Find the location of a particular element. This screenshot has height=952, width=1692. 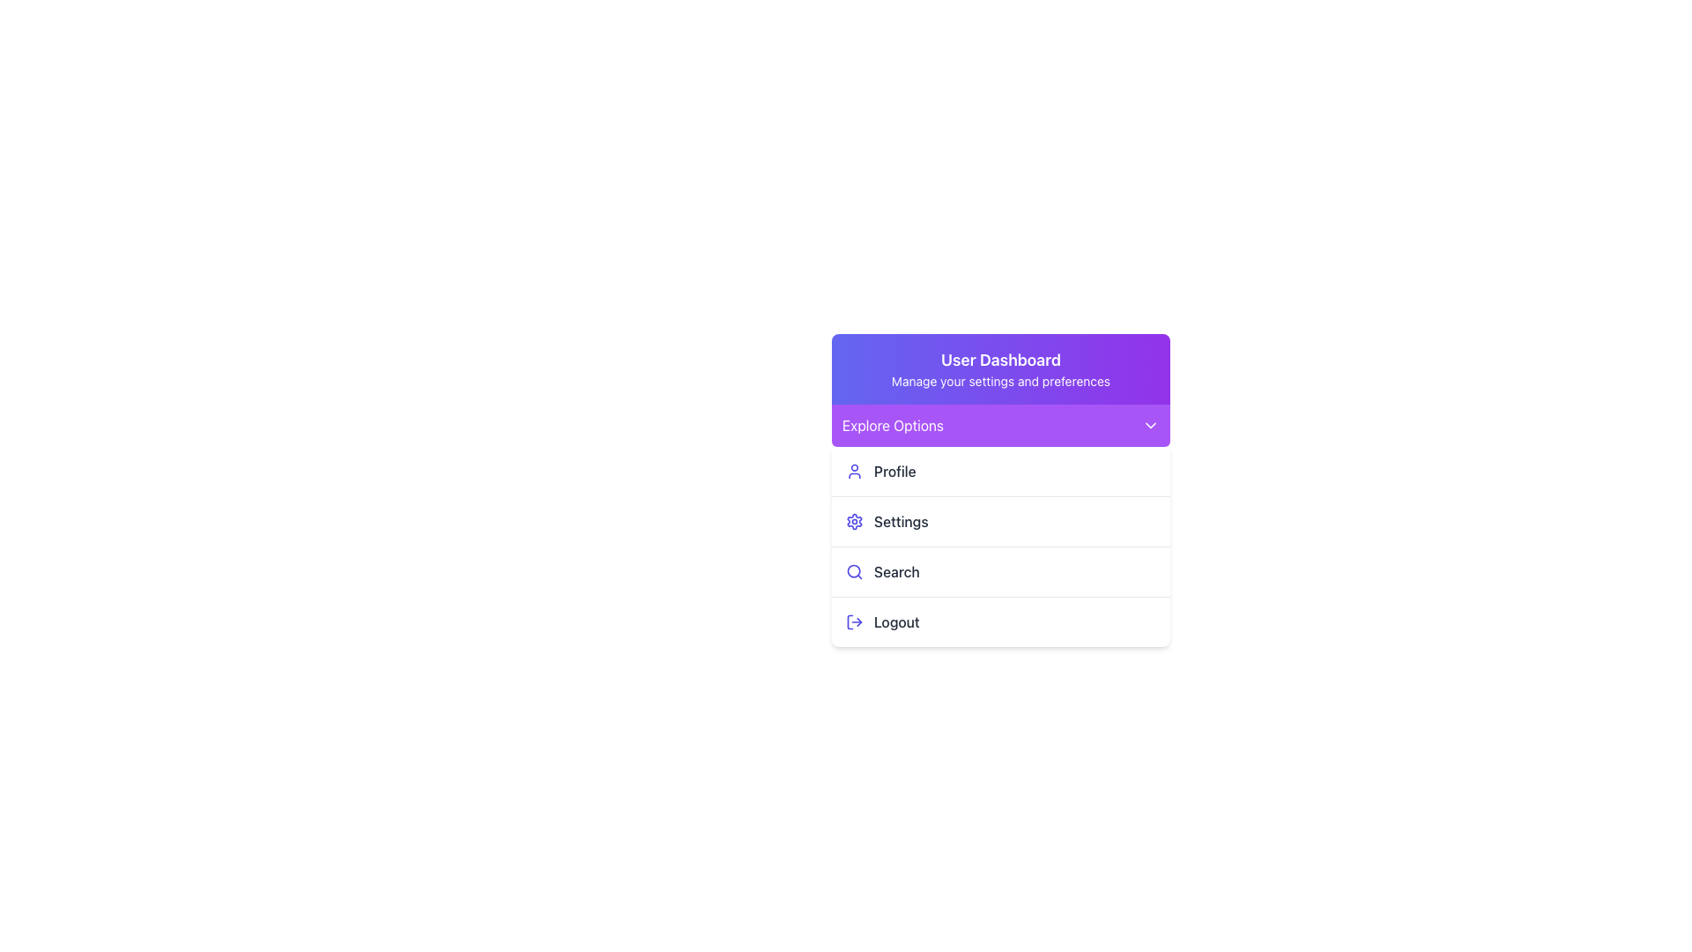

the text label associated with the search functionality located next to the search icon in the vertical menu is located at coordinates (896, 571).